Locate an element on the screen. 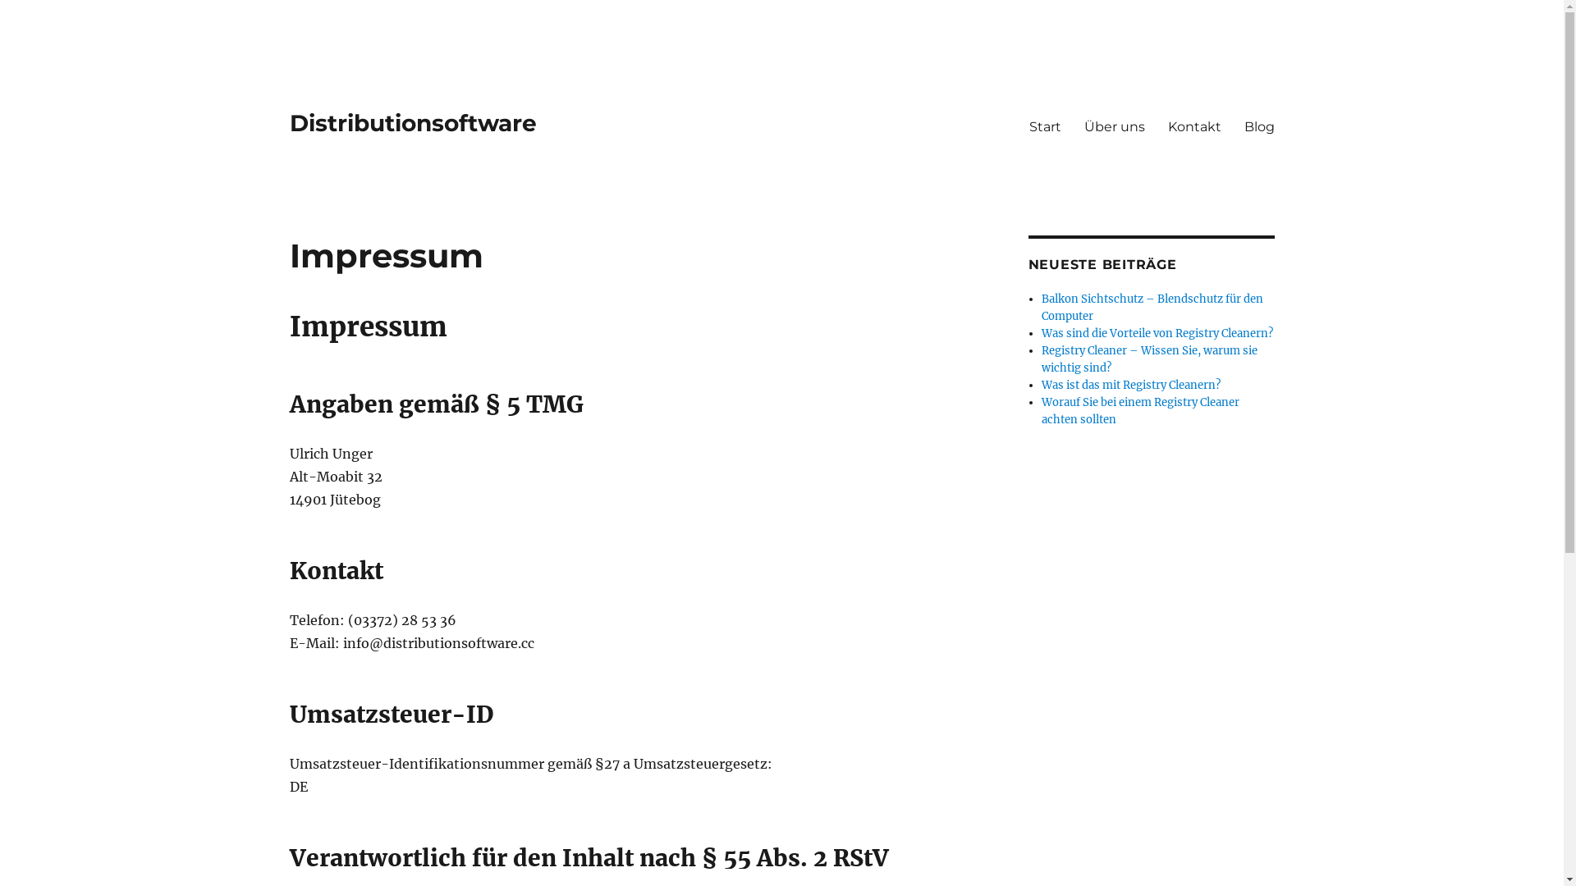 The height and width of the screenshot is (886, 1576). 'Start' is located at coordinates (1044, 126).